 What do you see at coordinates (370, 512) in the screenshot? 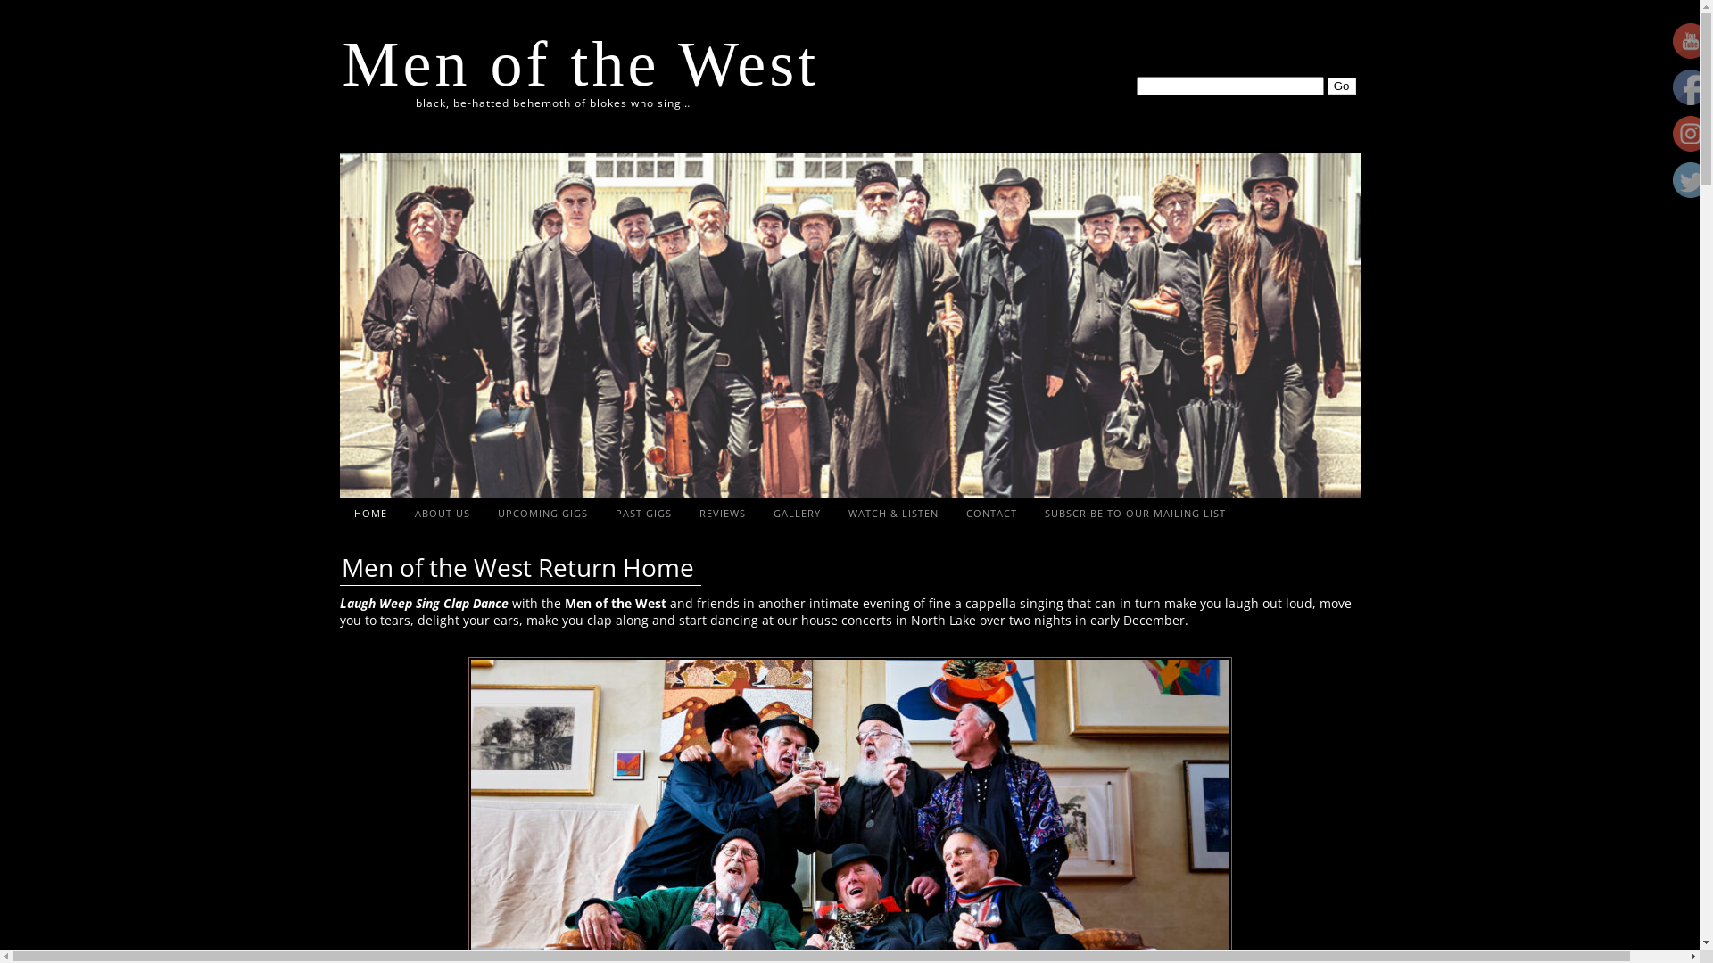
I see `'HOME'` at bounding box center [370, 512].